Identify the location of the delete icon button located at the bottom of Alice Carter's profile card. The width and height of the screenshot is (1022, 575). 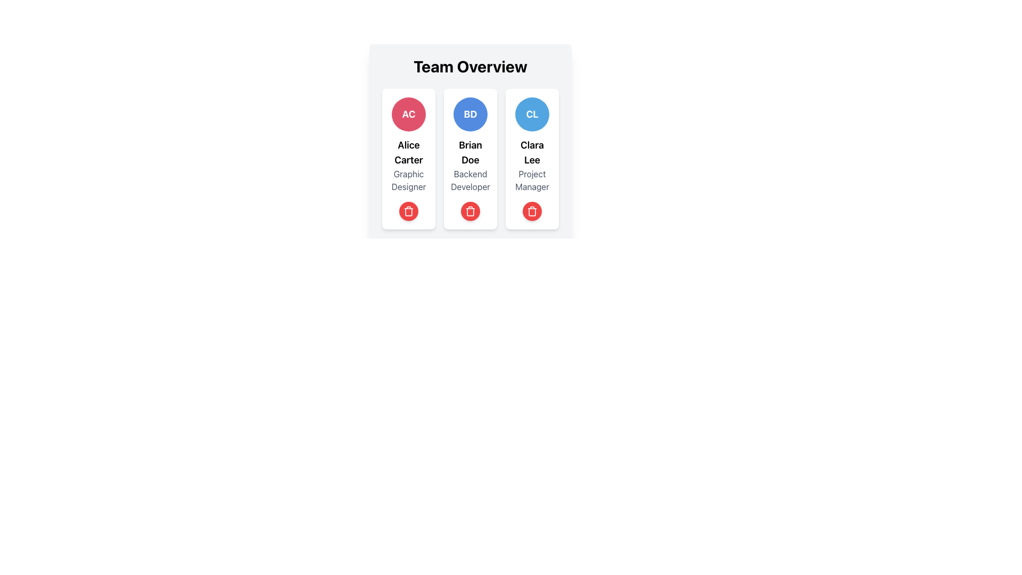
(408, 211).